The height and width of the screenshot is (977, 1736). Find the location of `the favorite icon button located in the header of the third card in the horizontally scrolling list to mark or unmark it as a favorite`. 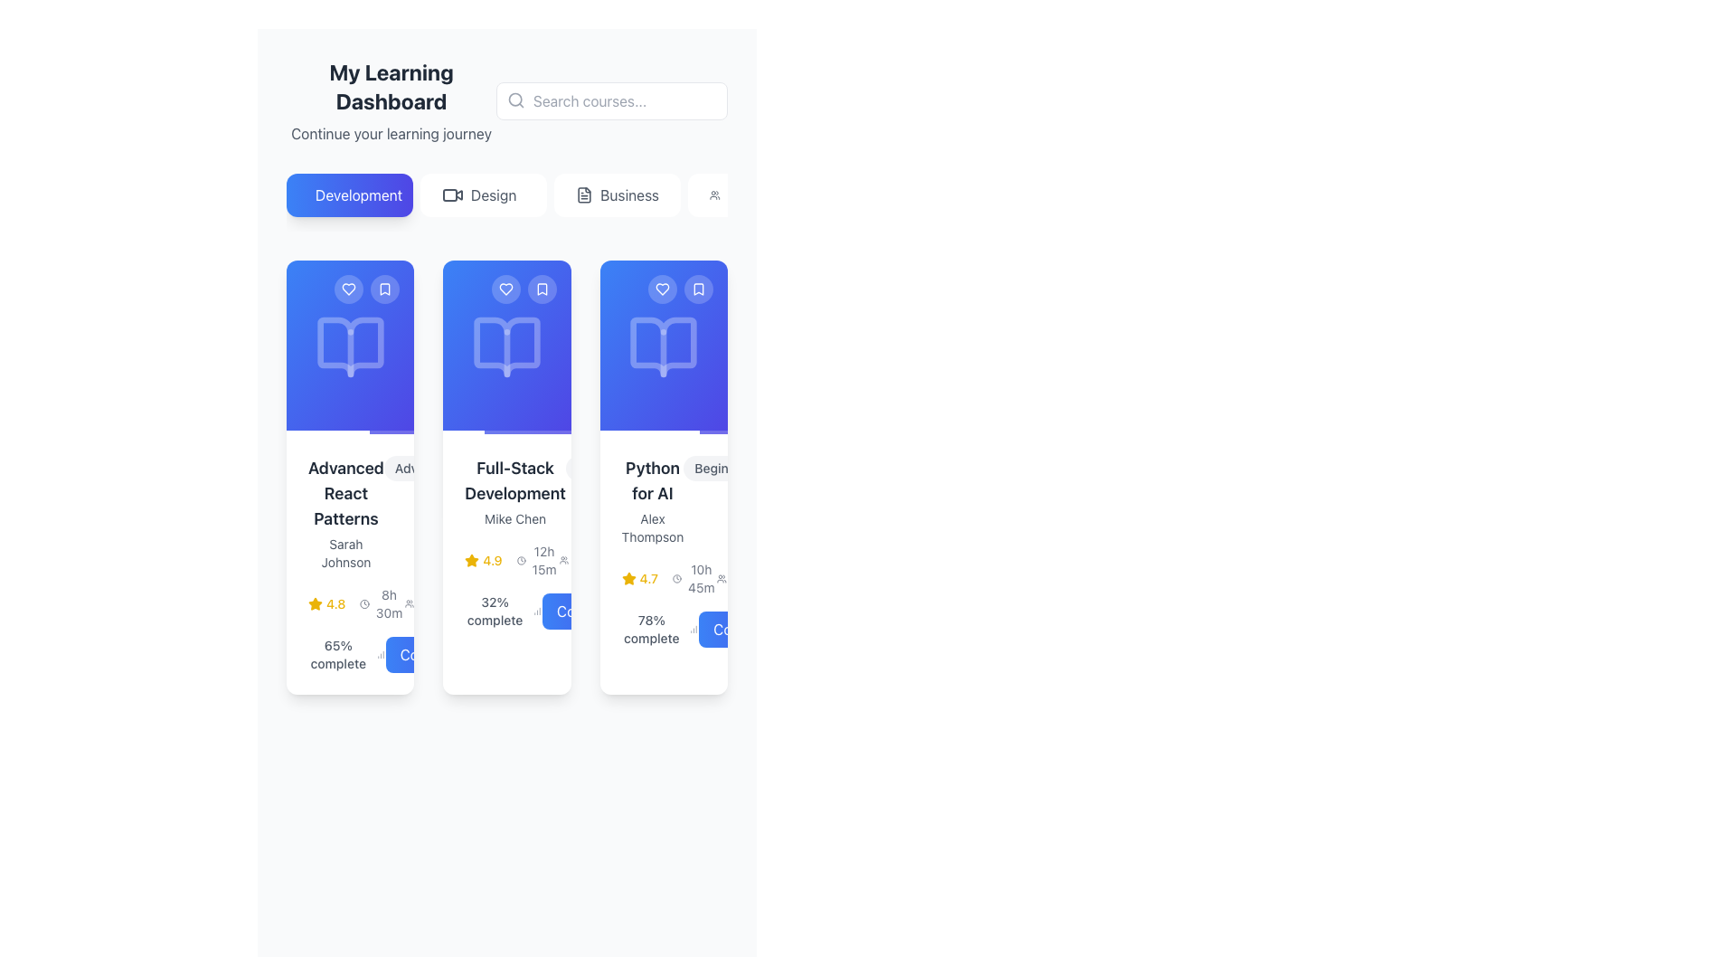

the favorite icon button located in the header of the third card in the horizontally scrolling list to mark or unmark it as a favorite is located at coordinates (505, 289).